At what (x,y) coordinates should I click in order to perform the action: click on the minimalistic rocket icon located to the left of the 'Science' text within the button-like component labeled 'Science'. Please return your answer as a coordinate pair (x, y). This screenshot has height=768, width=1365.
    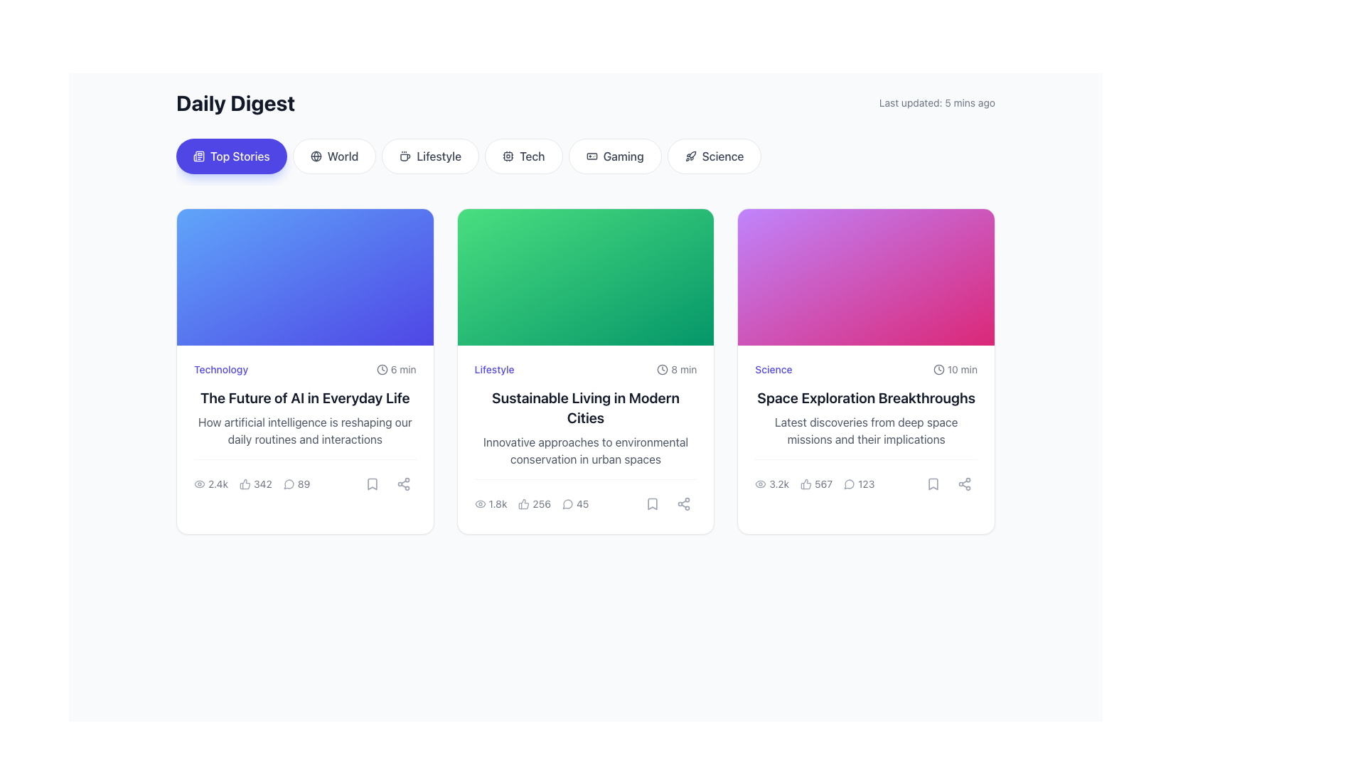
    Looking at the image, I should click on (690, 156).